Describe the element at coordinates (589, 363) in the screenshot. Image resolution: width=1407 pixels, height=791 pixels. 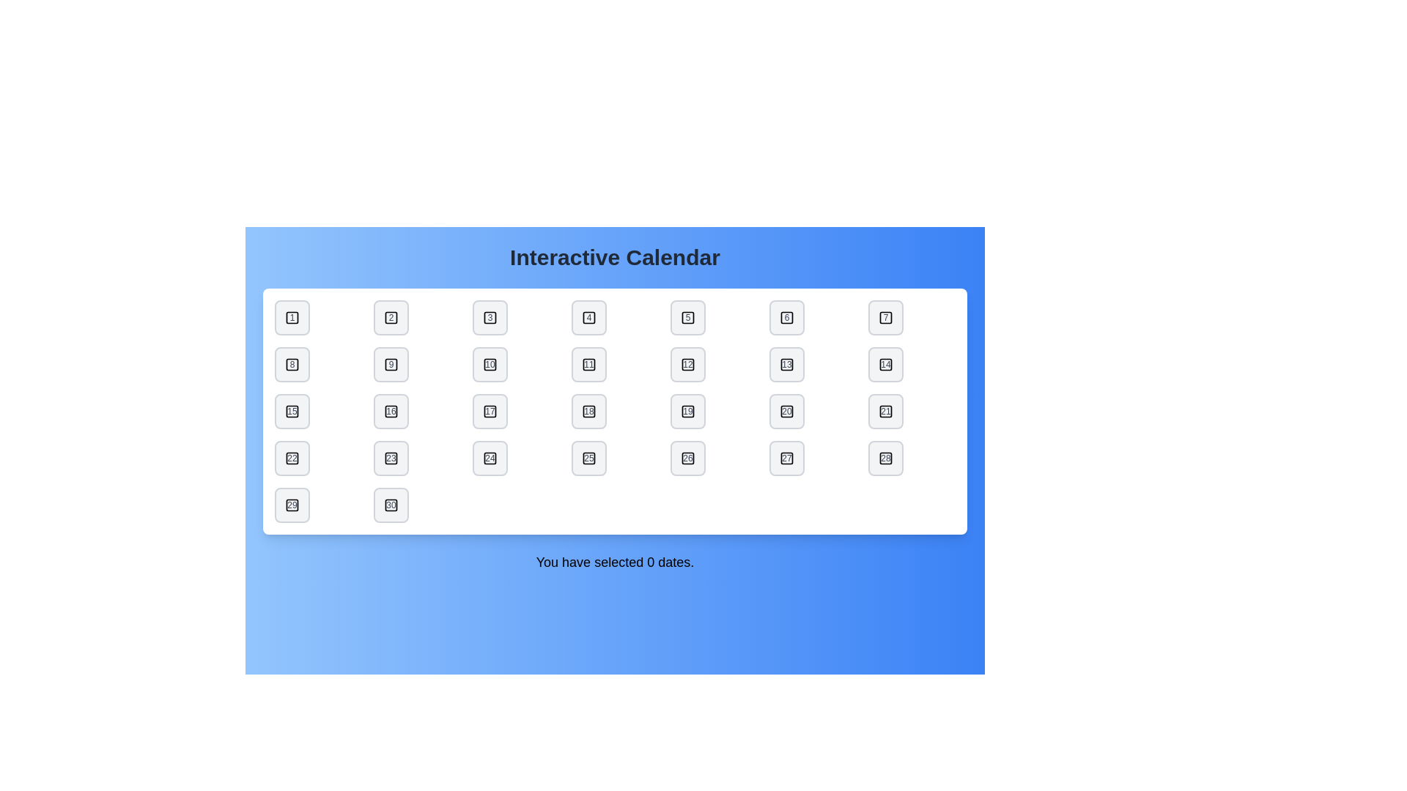
I see `the date button labeled 11 to toggle its selection state` at that location.